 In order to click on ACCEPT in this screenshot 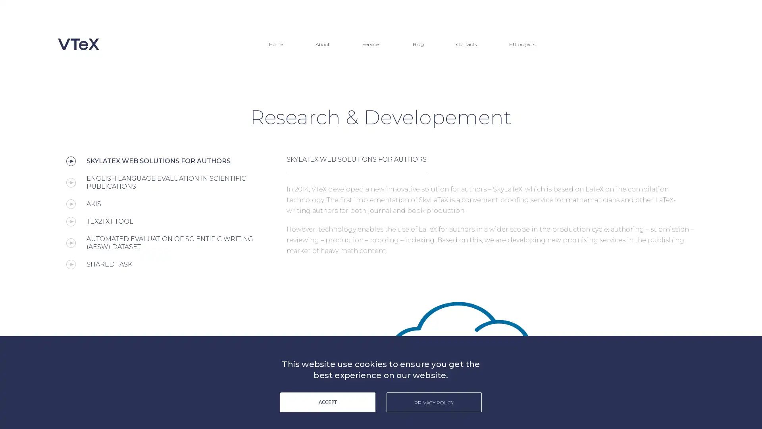, I will do `click(327, 402)`.